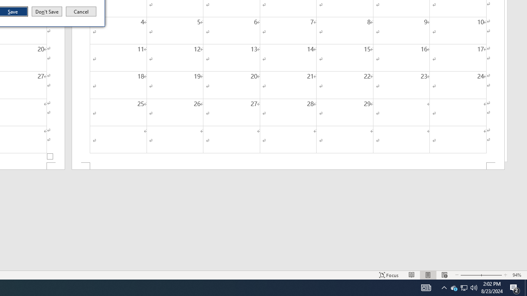  What do you see at coordinates (464, 287) in the screenshot?
I see `'Notification Chevron'` at bounding box center [464, 287].